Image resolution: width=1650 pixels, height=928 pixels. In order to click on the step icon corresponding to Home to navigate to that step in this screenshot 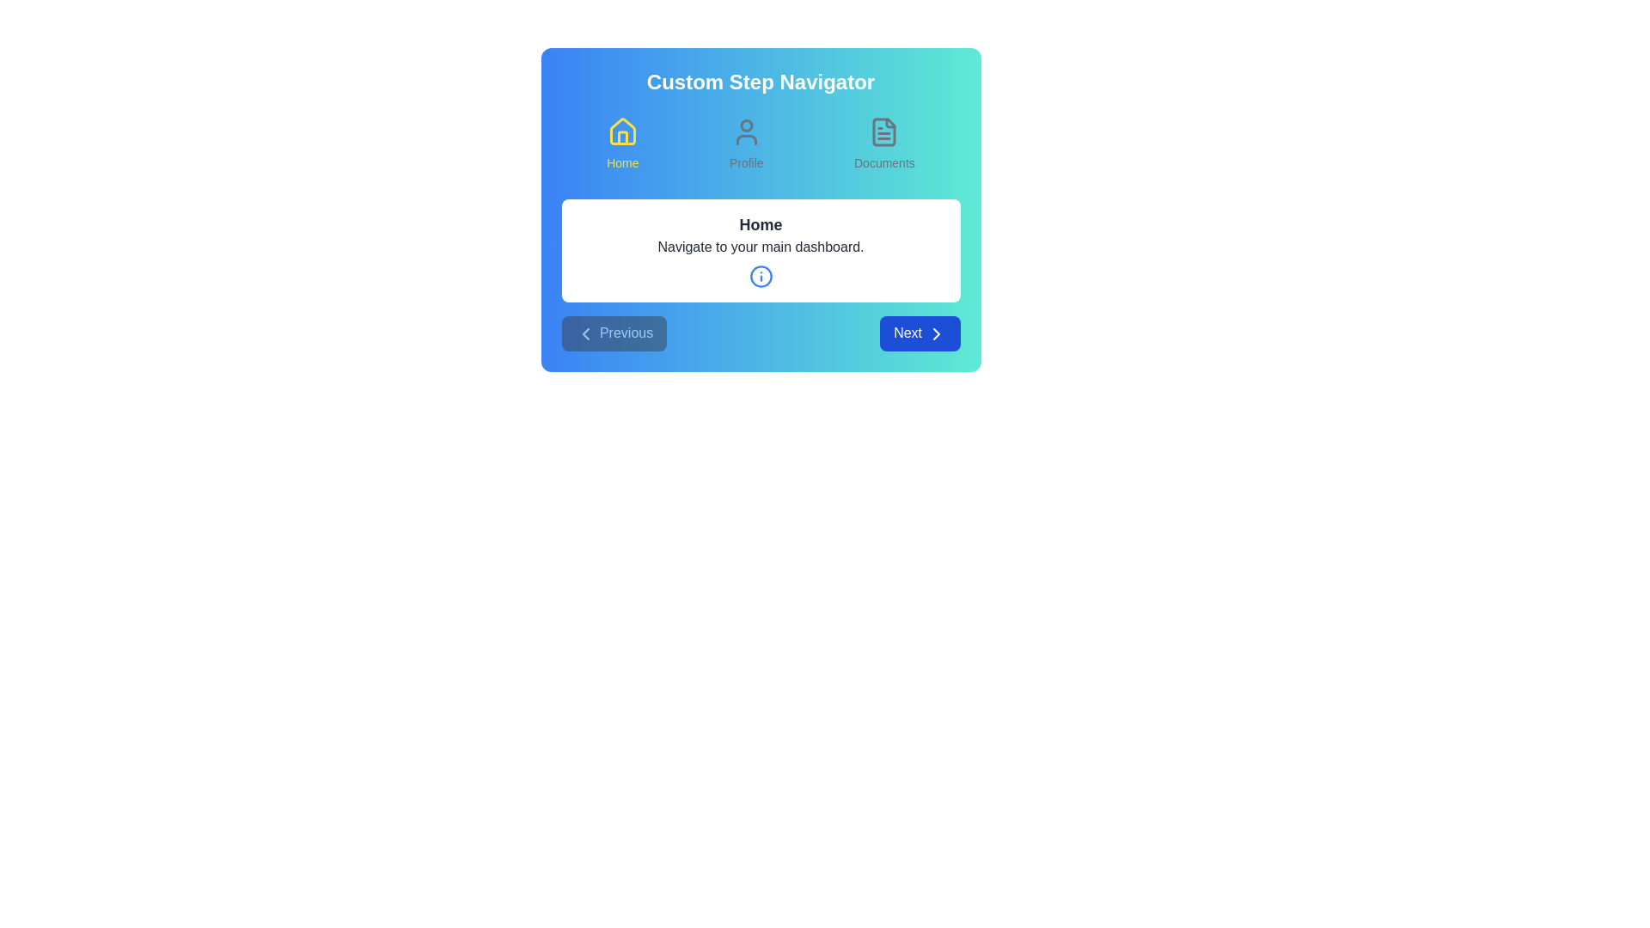, I will do `click(621, 143)`.